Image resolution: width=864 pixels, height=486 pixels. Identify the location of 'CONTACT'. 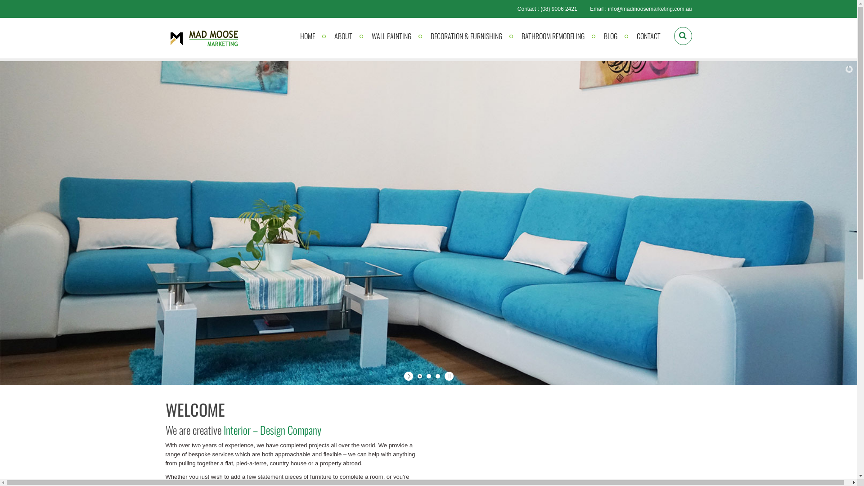
(648, 36).